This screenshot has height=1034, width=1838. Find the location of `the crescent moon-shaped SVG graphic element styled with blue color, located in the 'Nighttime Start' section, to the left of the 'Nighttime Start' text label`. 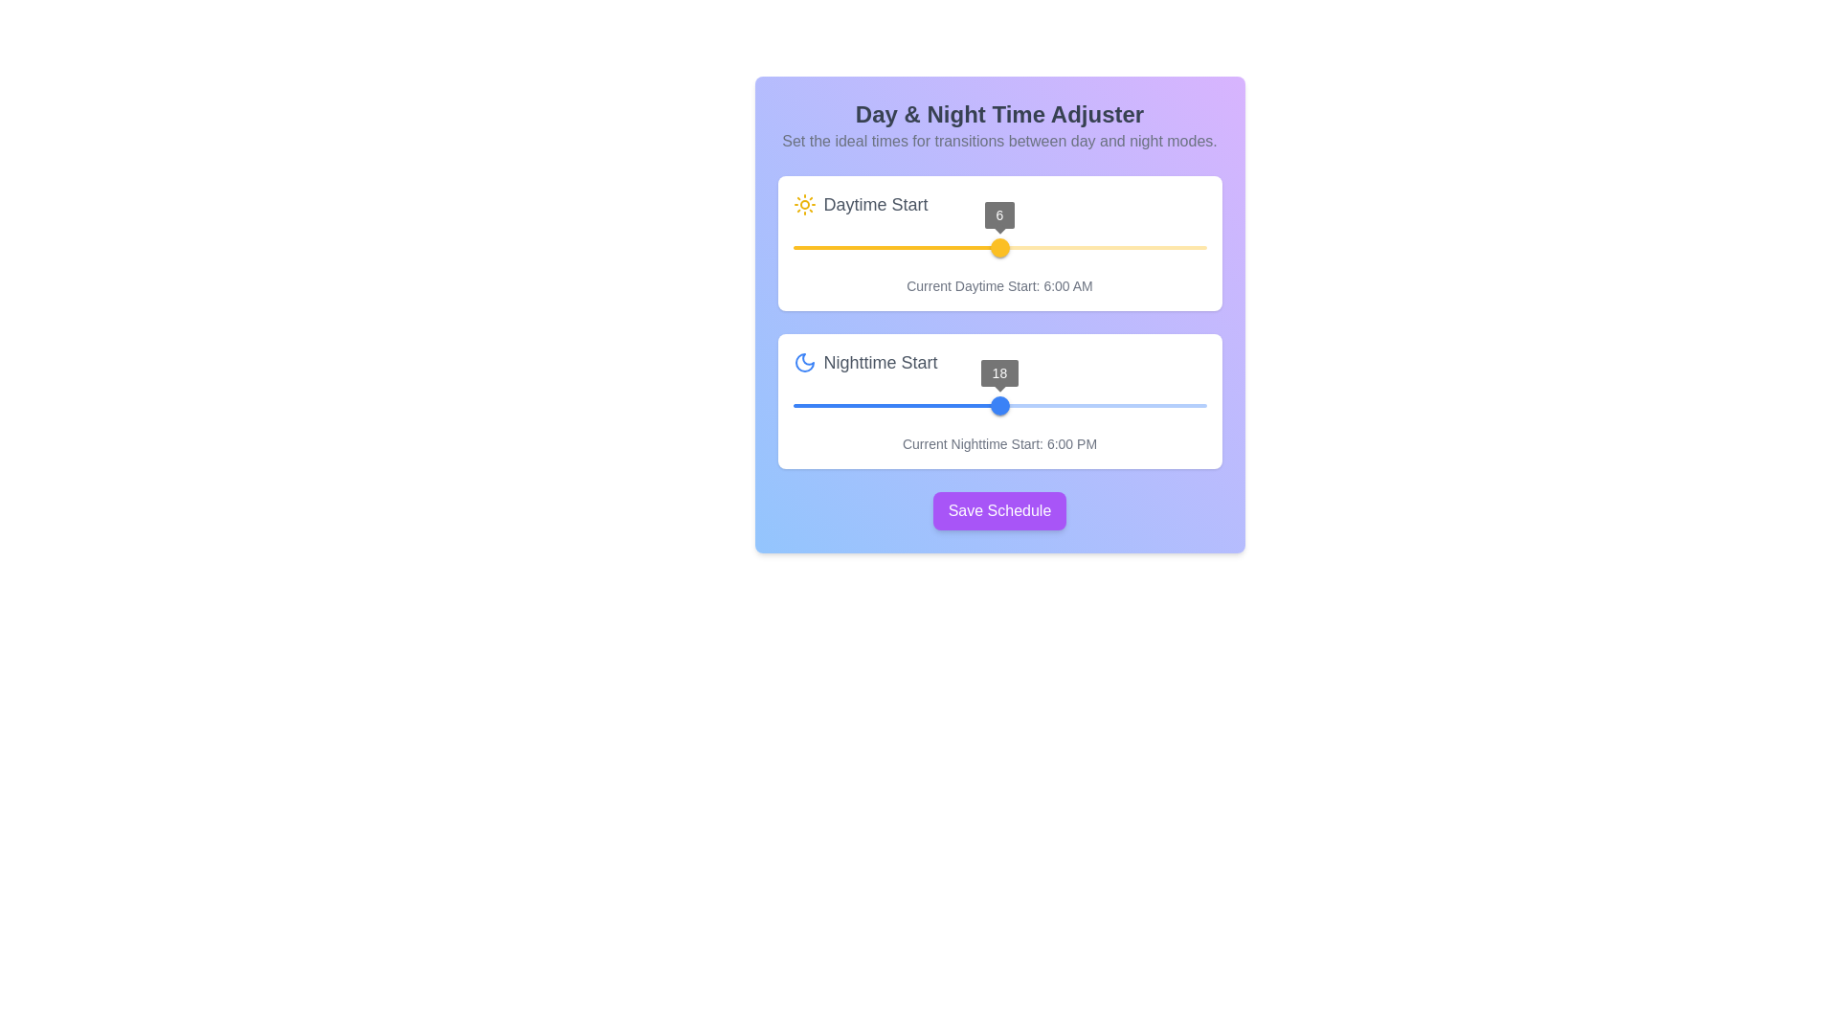

the crescent moon-shaped SVG graphic element styled with blue color, located in the 'Nighttime Start' section, to the left of the 'Nighttime Start' text label is located at coordinates (804, 362).